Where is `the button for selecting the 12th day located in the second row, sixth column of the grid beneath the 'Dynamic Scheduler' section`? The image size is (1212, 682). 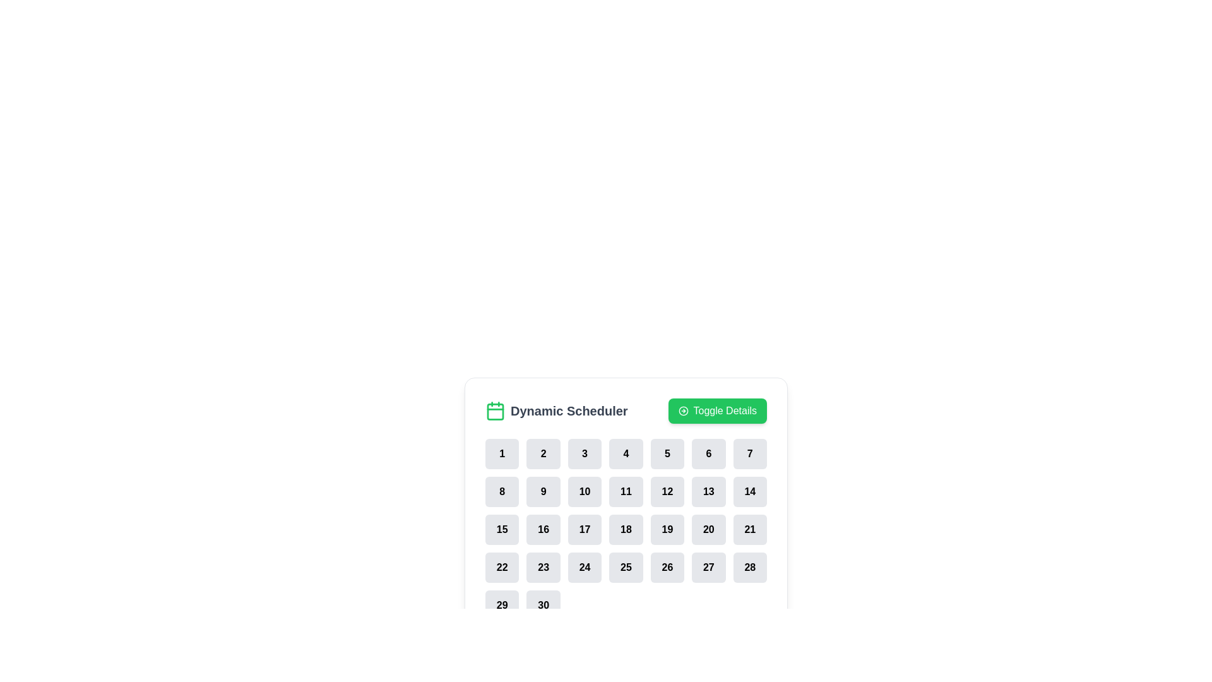
the button for selecting the 12th day located in the second row, sixth column of the grid beneath the 'Dynamic Scheduler' section is located at coordinates (667, 491).